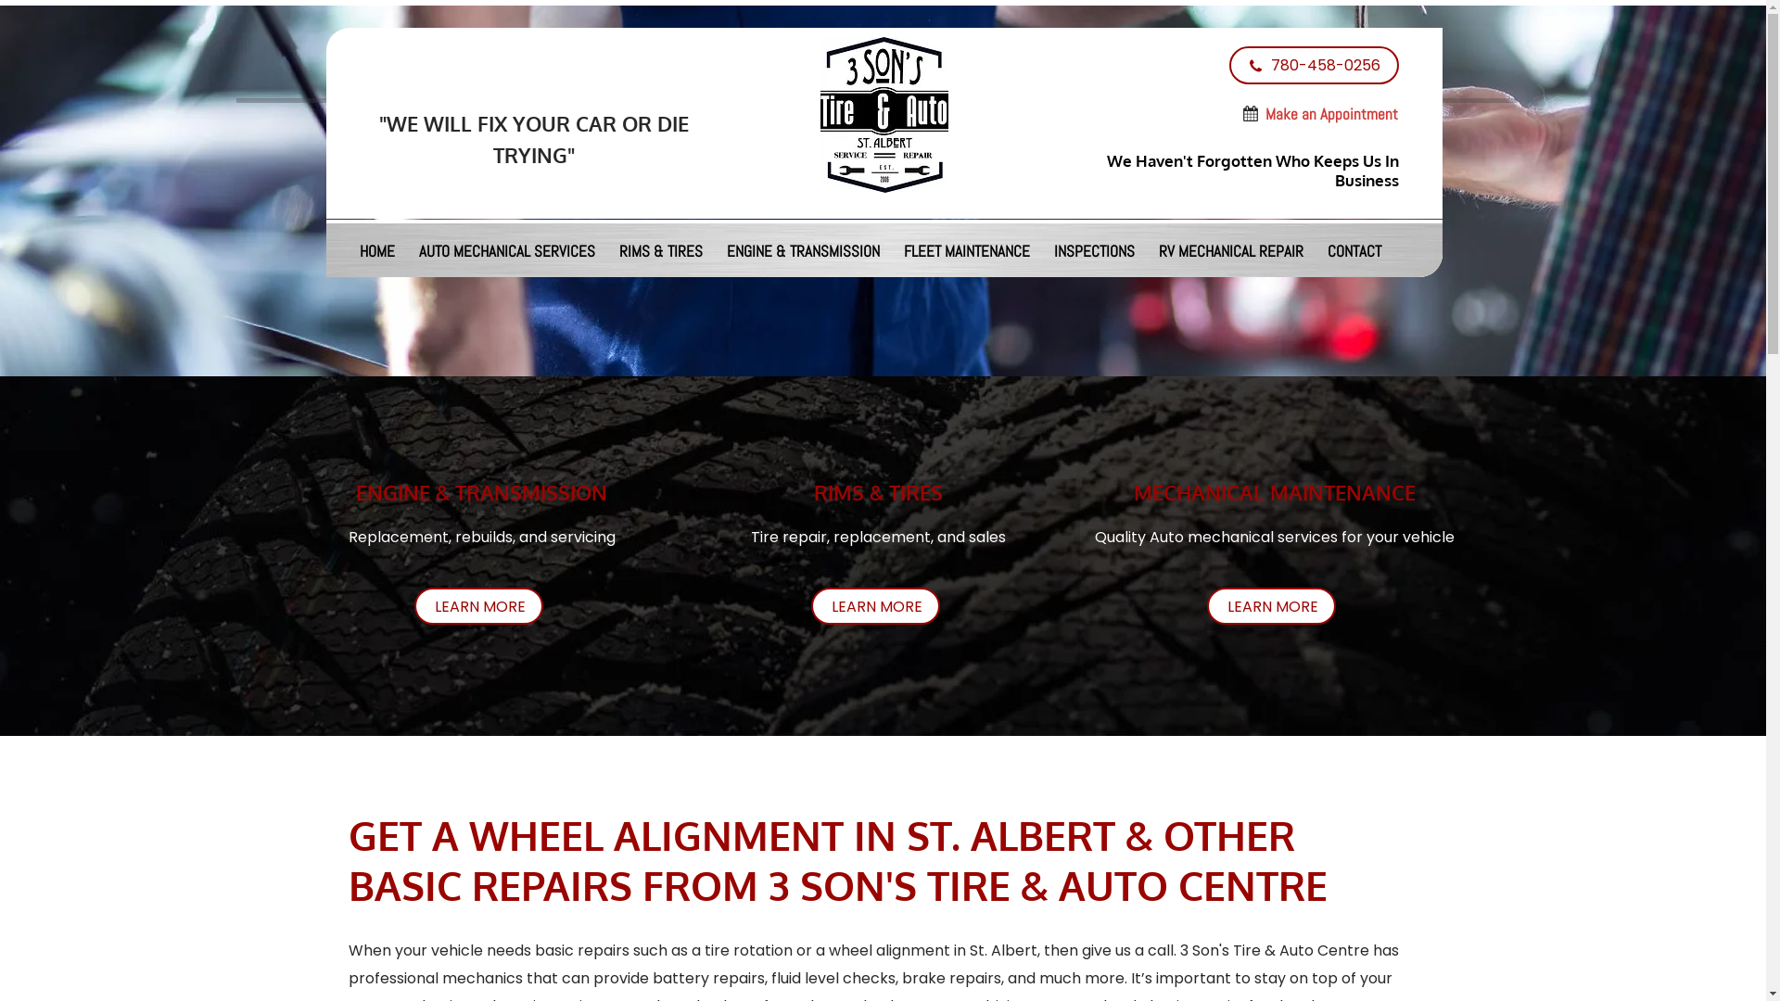  What do you see at coordinates (477, 606) in the screenshot?
I see `'LEARN MORE'` at bounding box center [477, 606].